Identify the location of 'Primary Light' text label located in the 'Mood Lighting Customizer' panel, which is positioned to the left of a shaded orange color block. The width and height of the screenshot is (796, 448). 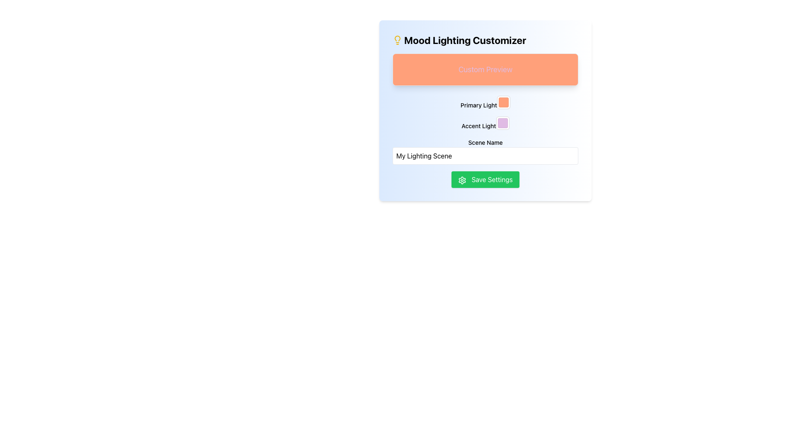
(485, 102).